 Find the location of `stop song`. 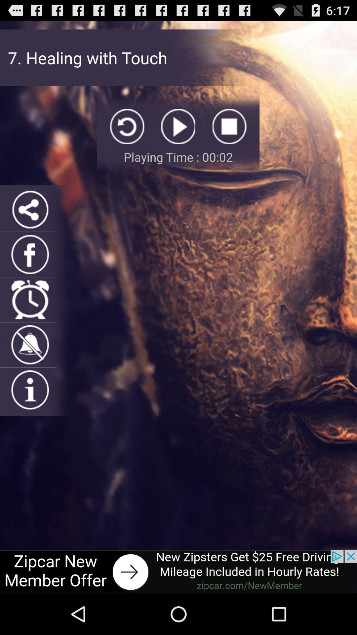

stop song is located at coordinates (229, 126).